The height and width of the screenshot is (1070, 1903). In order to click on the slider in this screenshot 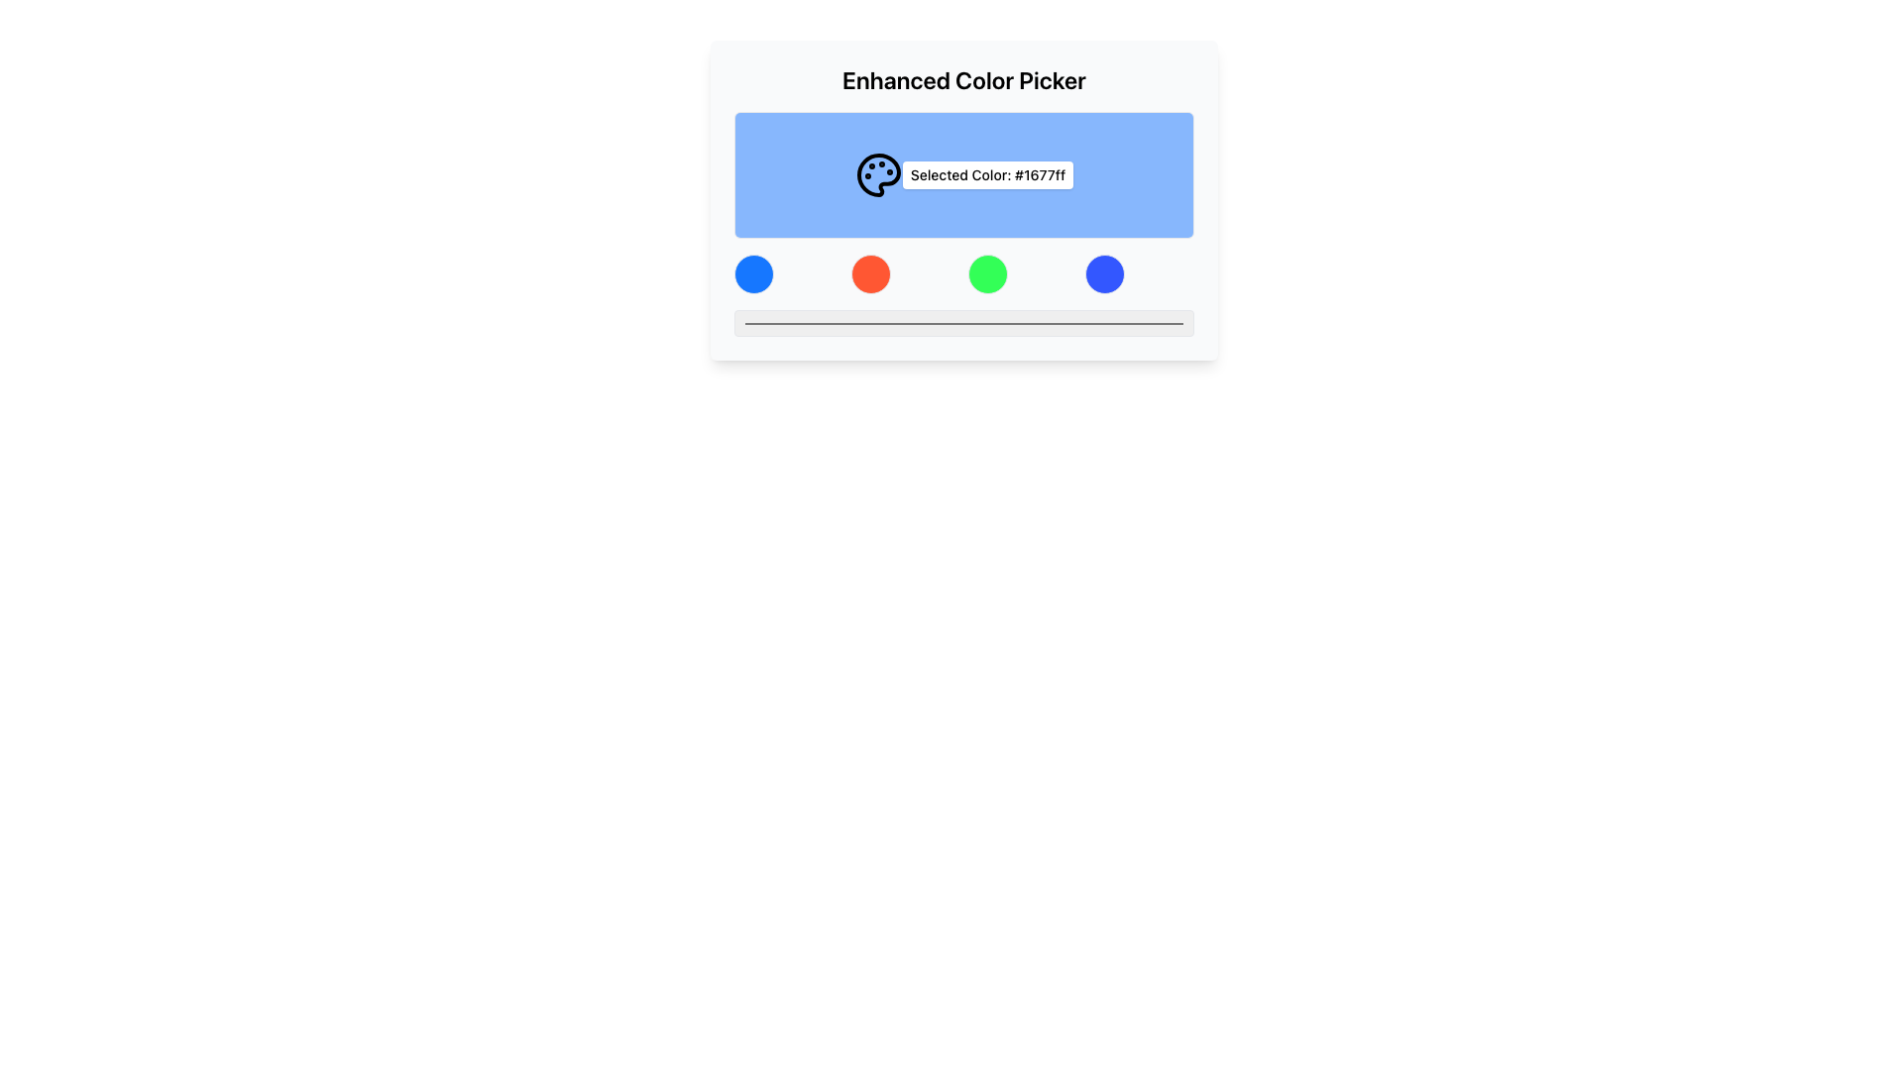, I will do `click(742, 322)`.